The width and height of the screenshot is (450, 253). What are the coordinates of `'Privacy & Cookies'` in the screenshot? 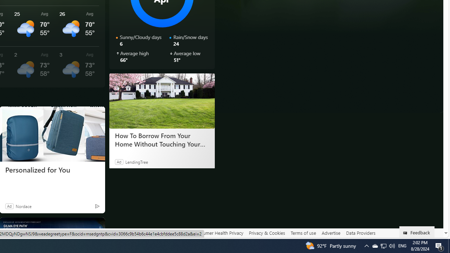 It's located at (266, 233).